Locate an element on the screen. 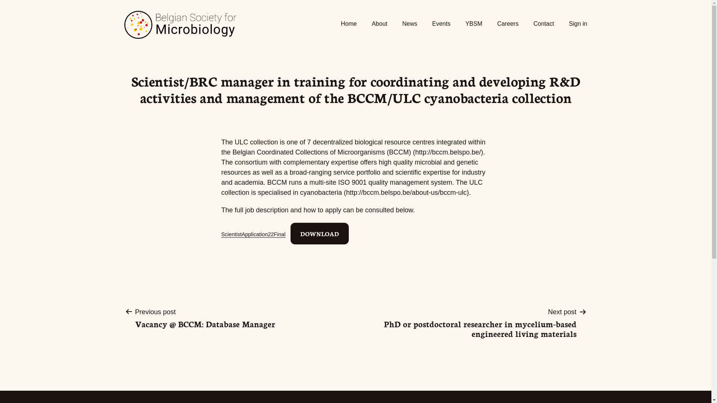  'News' is located at coordinates (409, 24).